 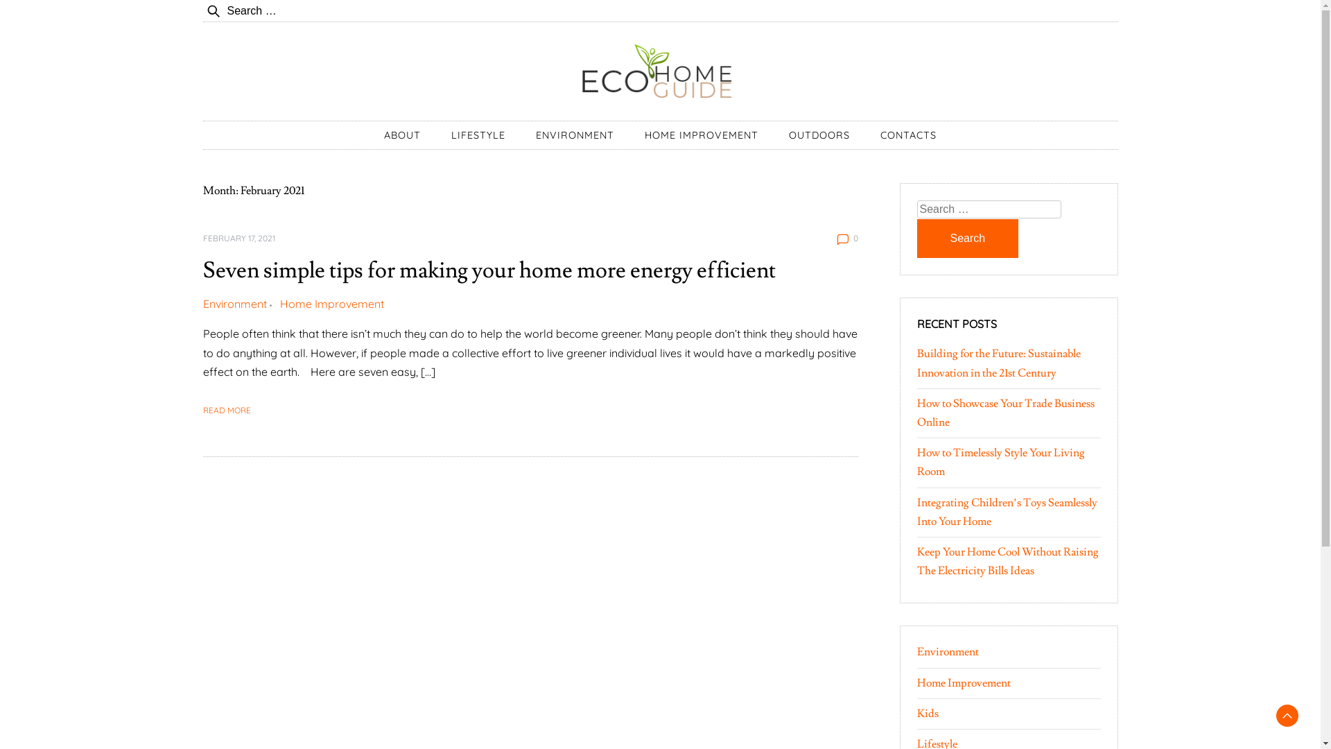 What do you see at coordinates (1000, 462) in the screenshot?
I see `'How to Timelessly Style Your Living Room'` at bounding box center [1000, 462].